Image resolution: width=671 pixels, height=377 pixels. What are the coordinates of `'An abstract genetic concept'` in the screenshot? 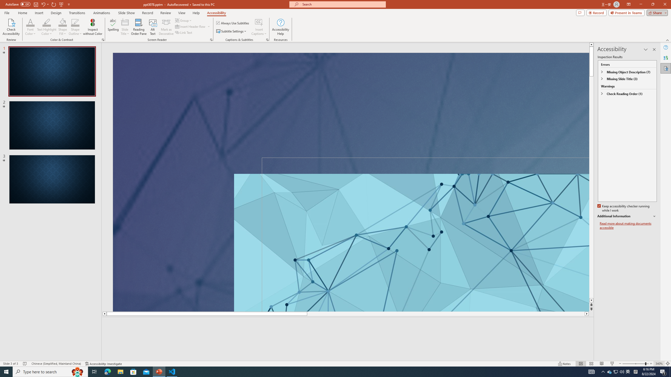 It's located at (350, 182).